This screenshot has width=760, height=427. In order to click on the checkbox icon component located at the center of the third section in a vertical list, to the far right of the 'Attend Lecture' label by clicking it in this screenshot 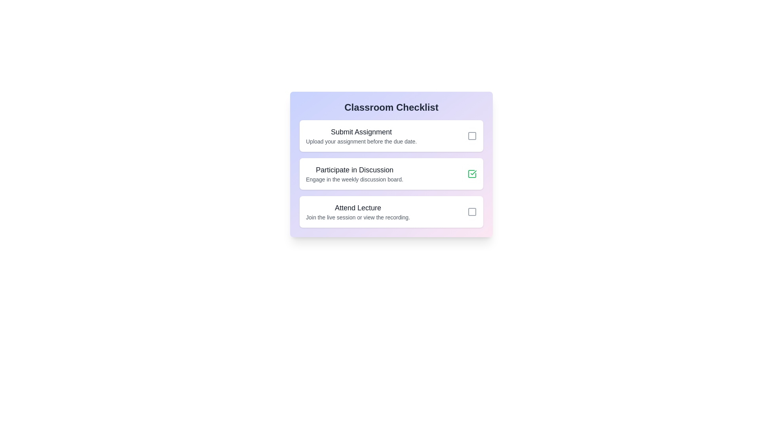, I will do `click(472, 212)`.